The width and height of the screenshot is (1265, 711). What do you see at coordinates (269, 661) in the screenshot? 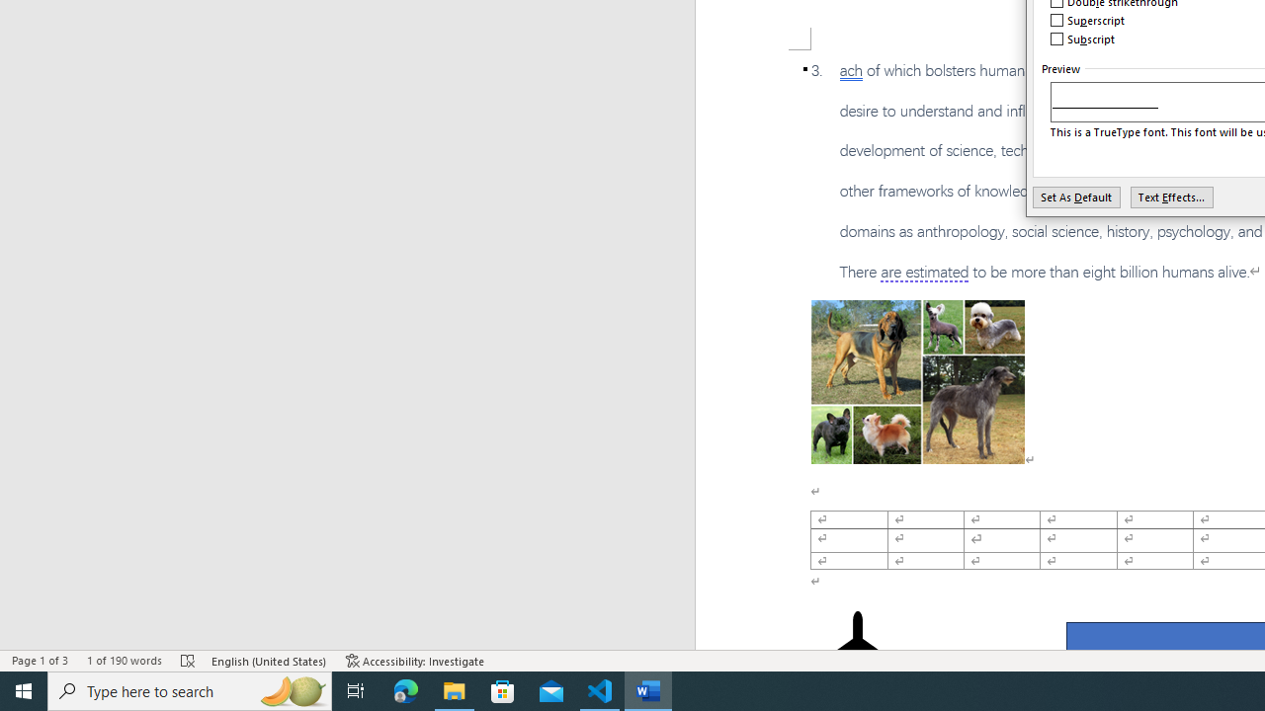
I see `'Language English (United States)'` at bounding box center [269, 661].